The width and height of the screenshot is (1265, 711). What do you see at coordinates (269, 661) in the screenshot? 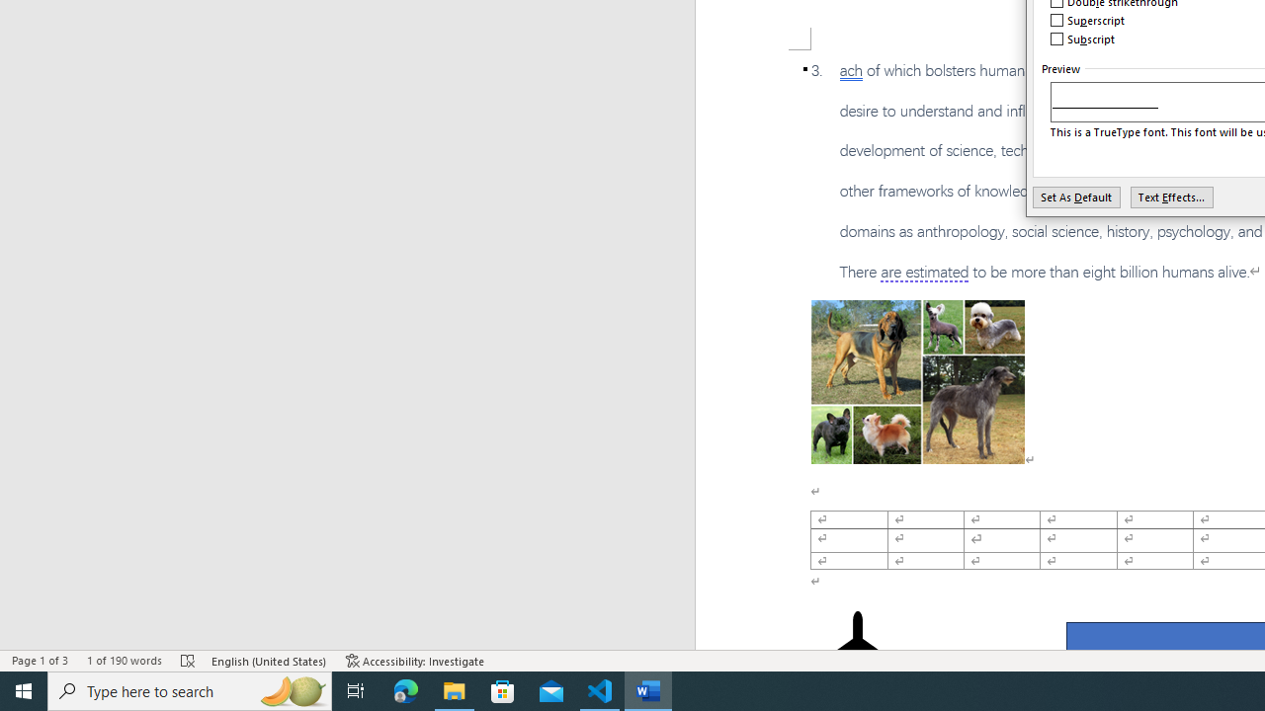
I see `'Language English (United States)'` at bounding box center [269, 661].